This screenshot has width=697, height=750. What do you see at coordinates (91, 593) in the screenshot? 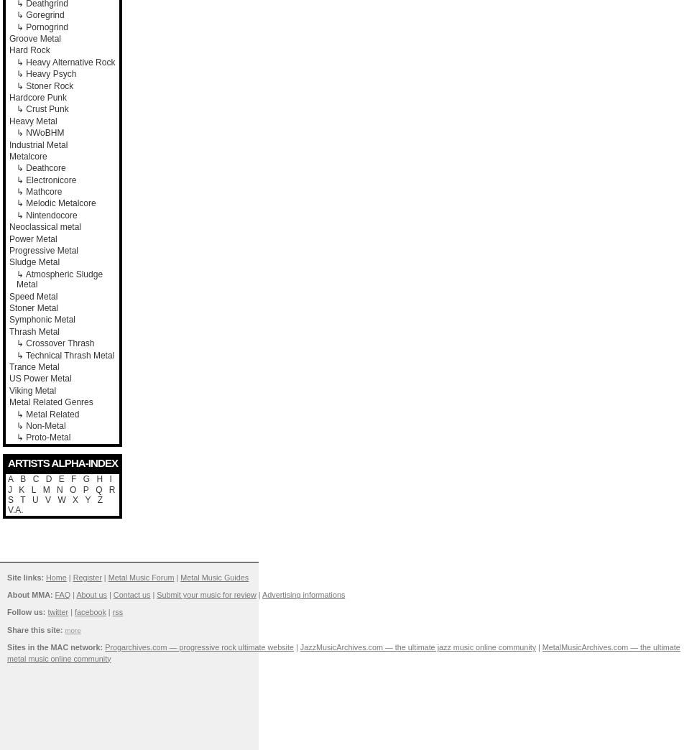
I see `'About us'` at bounding box center [91, 593].